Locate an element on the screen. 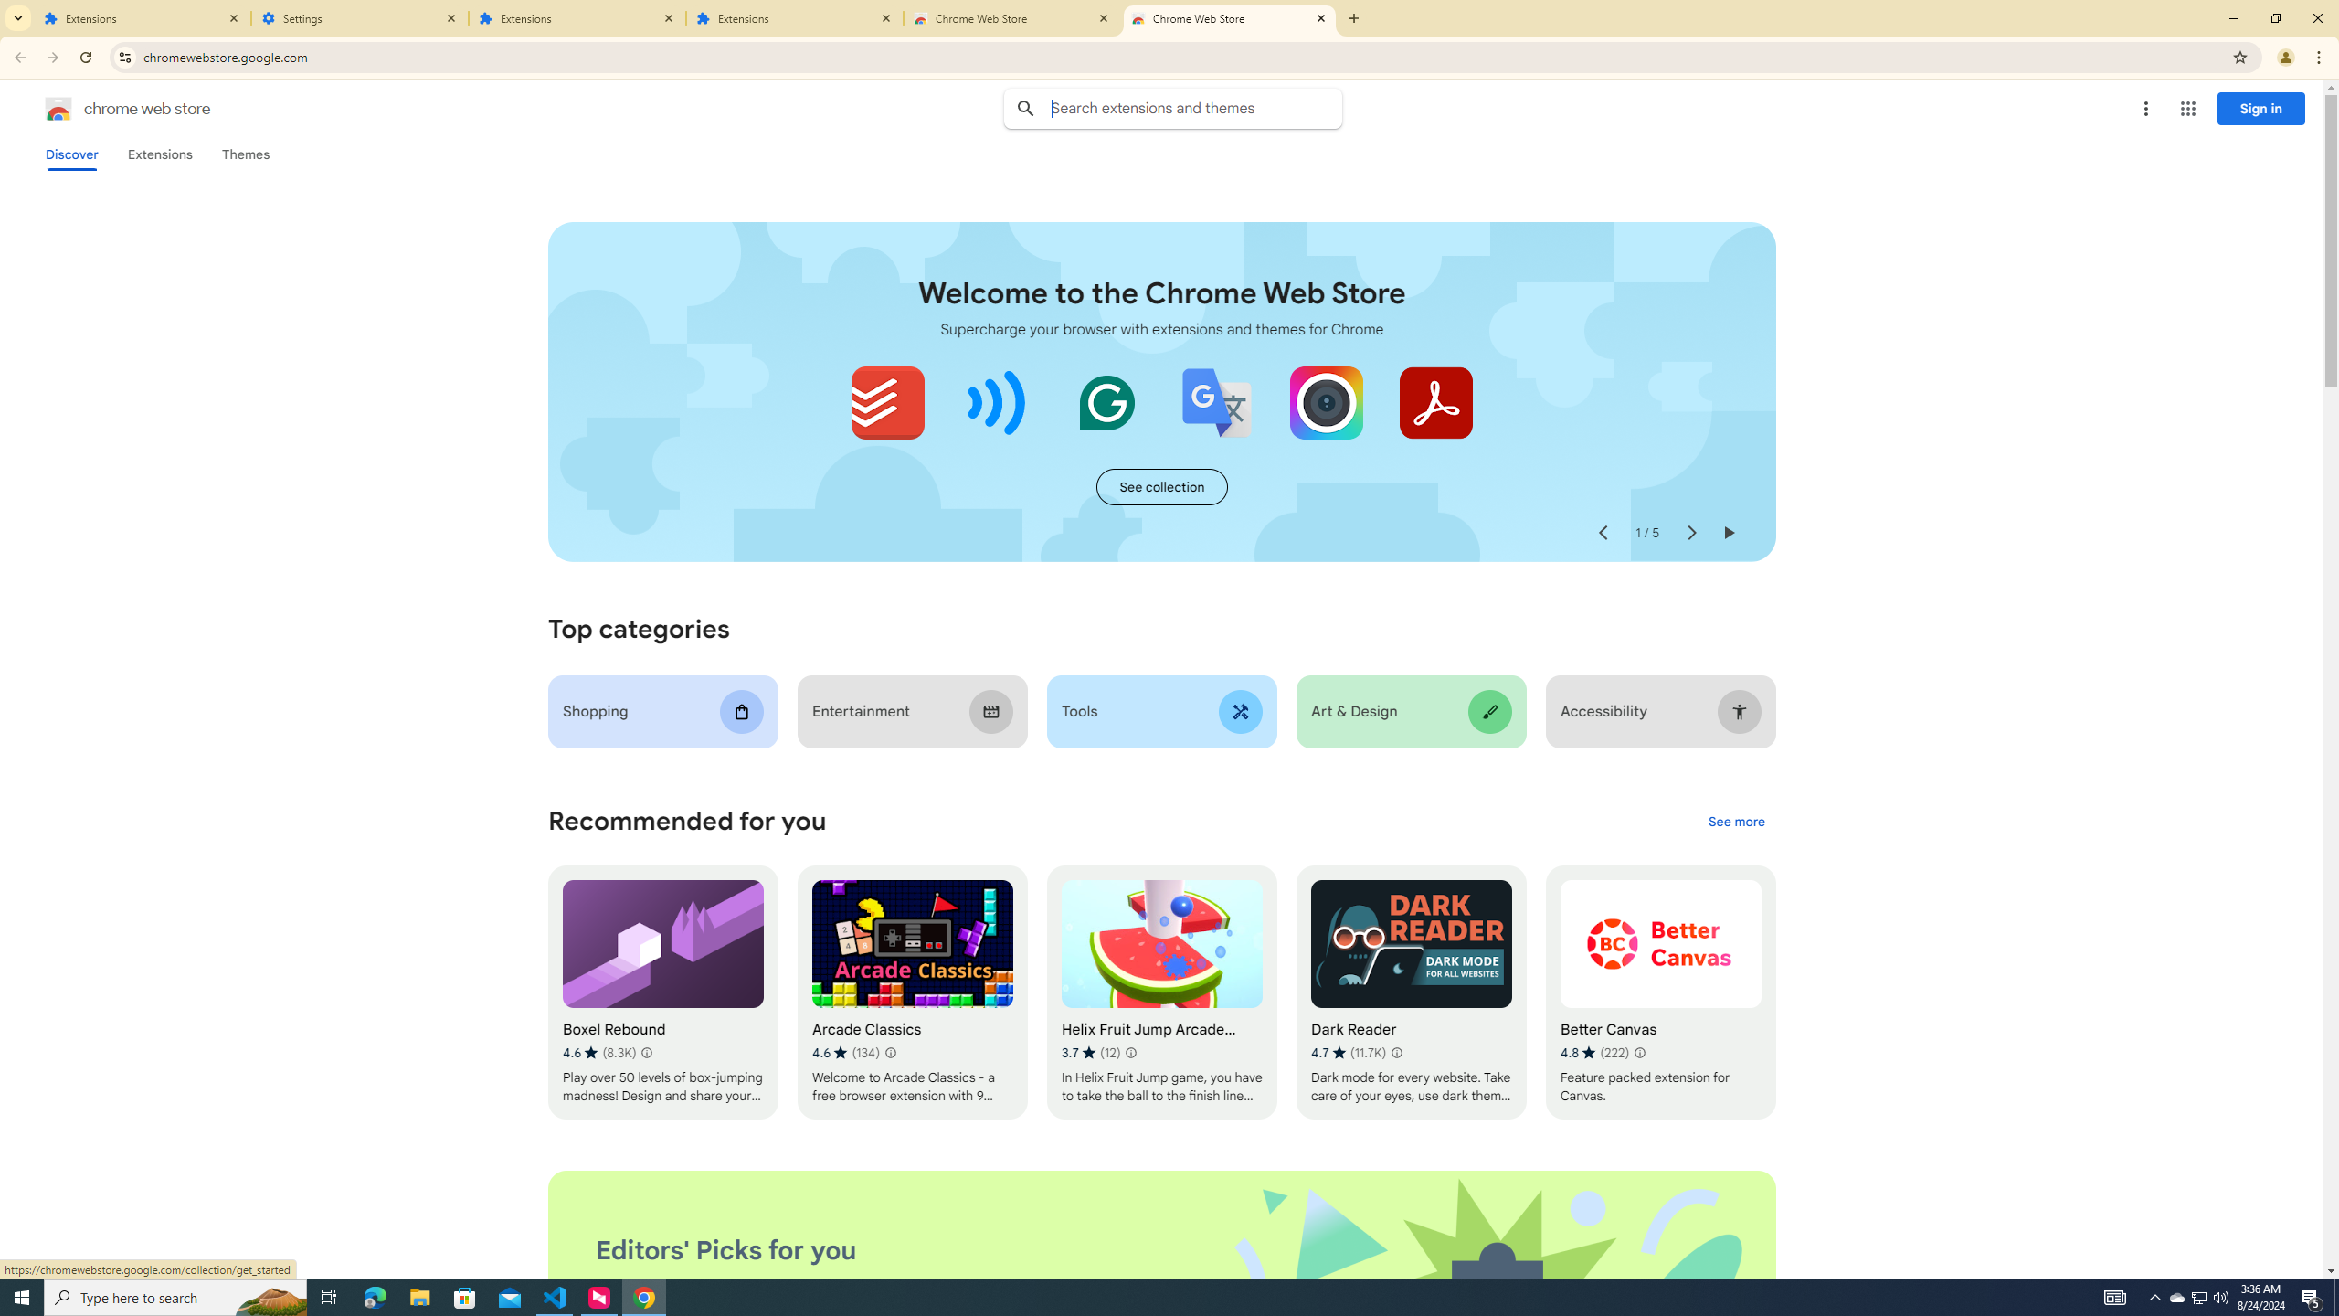 The image size is (2339, 1316). 'Shopping' is located at coordinates (662, 711).